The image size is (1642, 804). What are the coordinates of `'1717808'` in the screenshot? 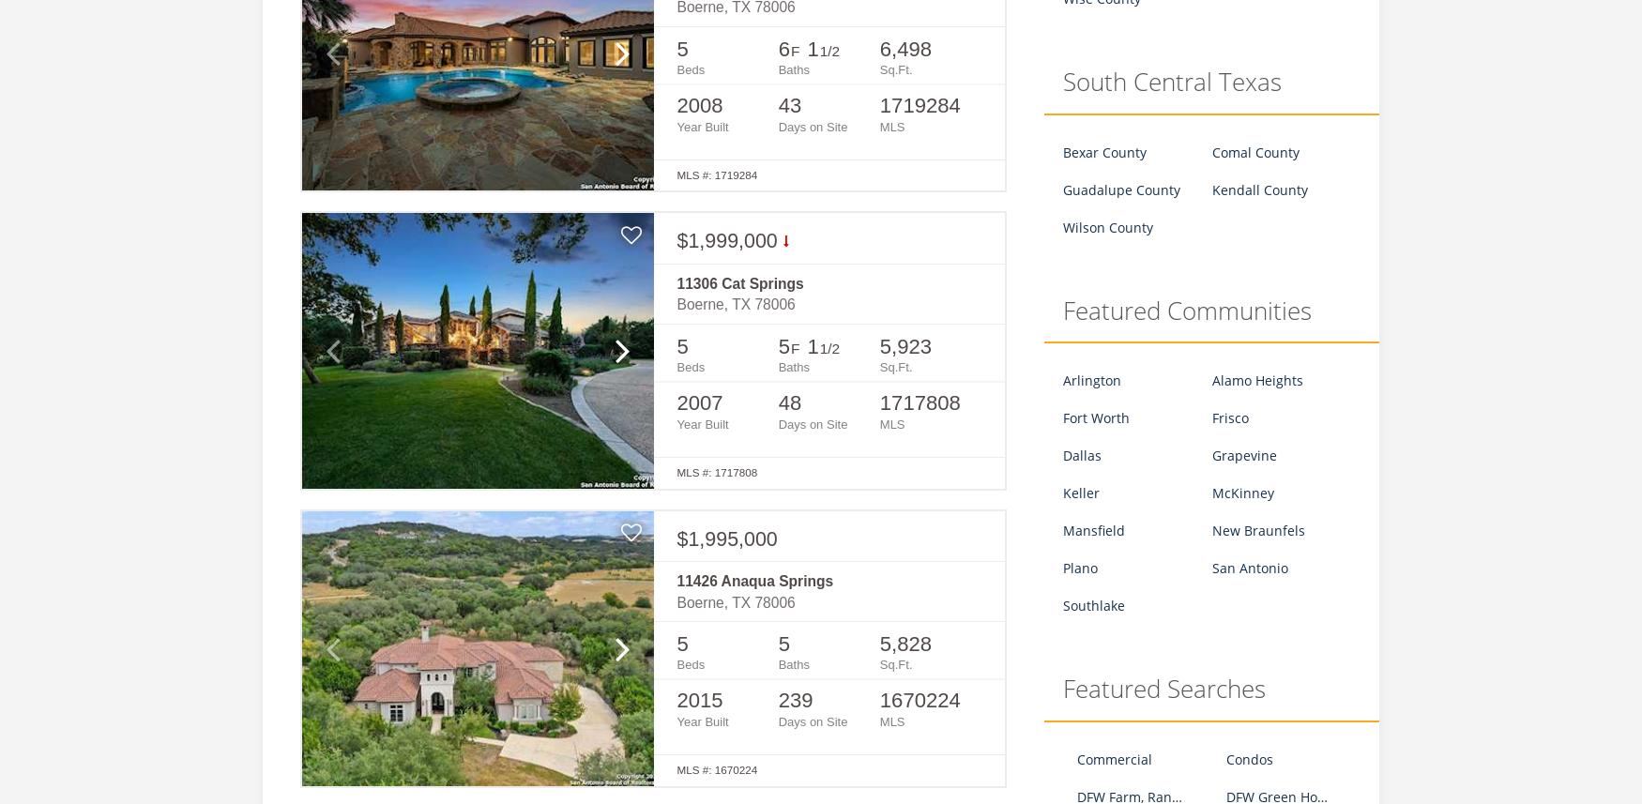 It's located at (920, 402).